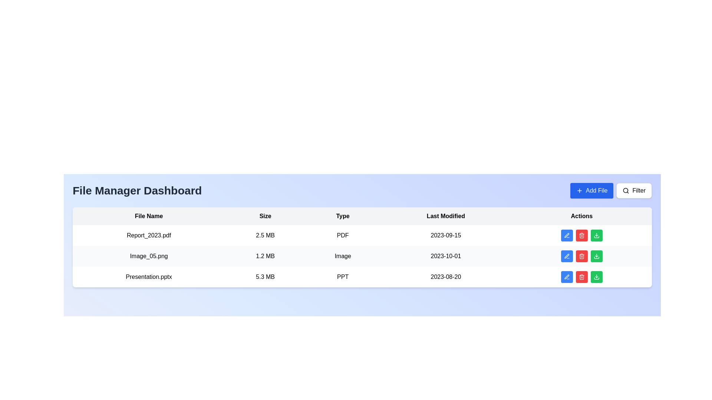 The width and height of the screenshot is (712, 400). Describe the element at coordinates (265, 277) in the screenshot. I see `the static text label displaying '5.3 MB' in the 'Size' column of the table row for the file 'Presentation.pptx'` at that location.